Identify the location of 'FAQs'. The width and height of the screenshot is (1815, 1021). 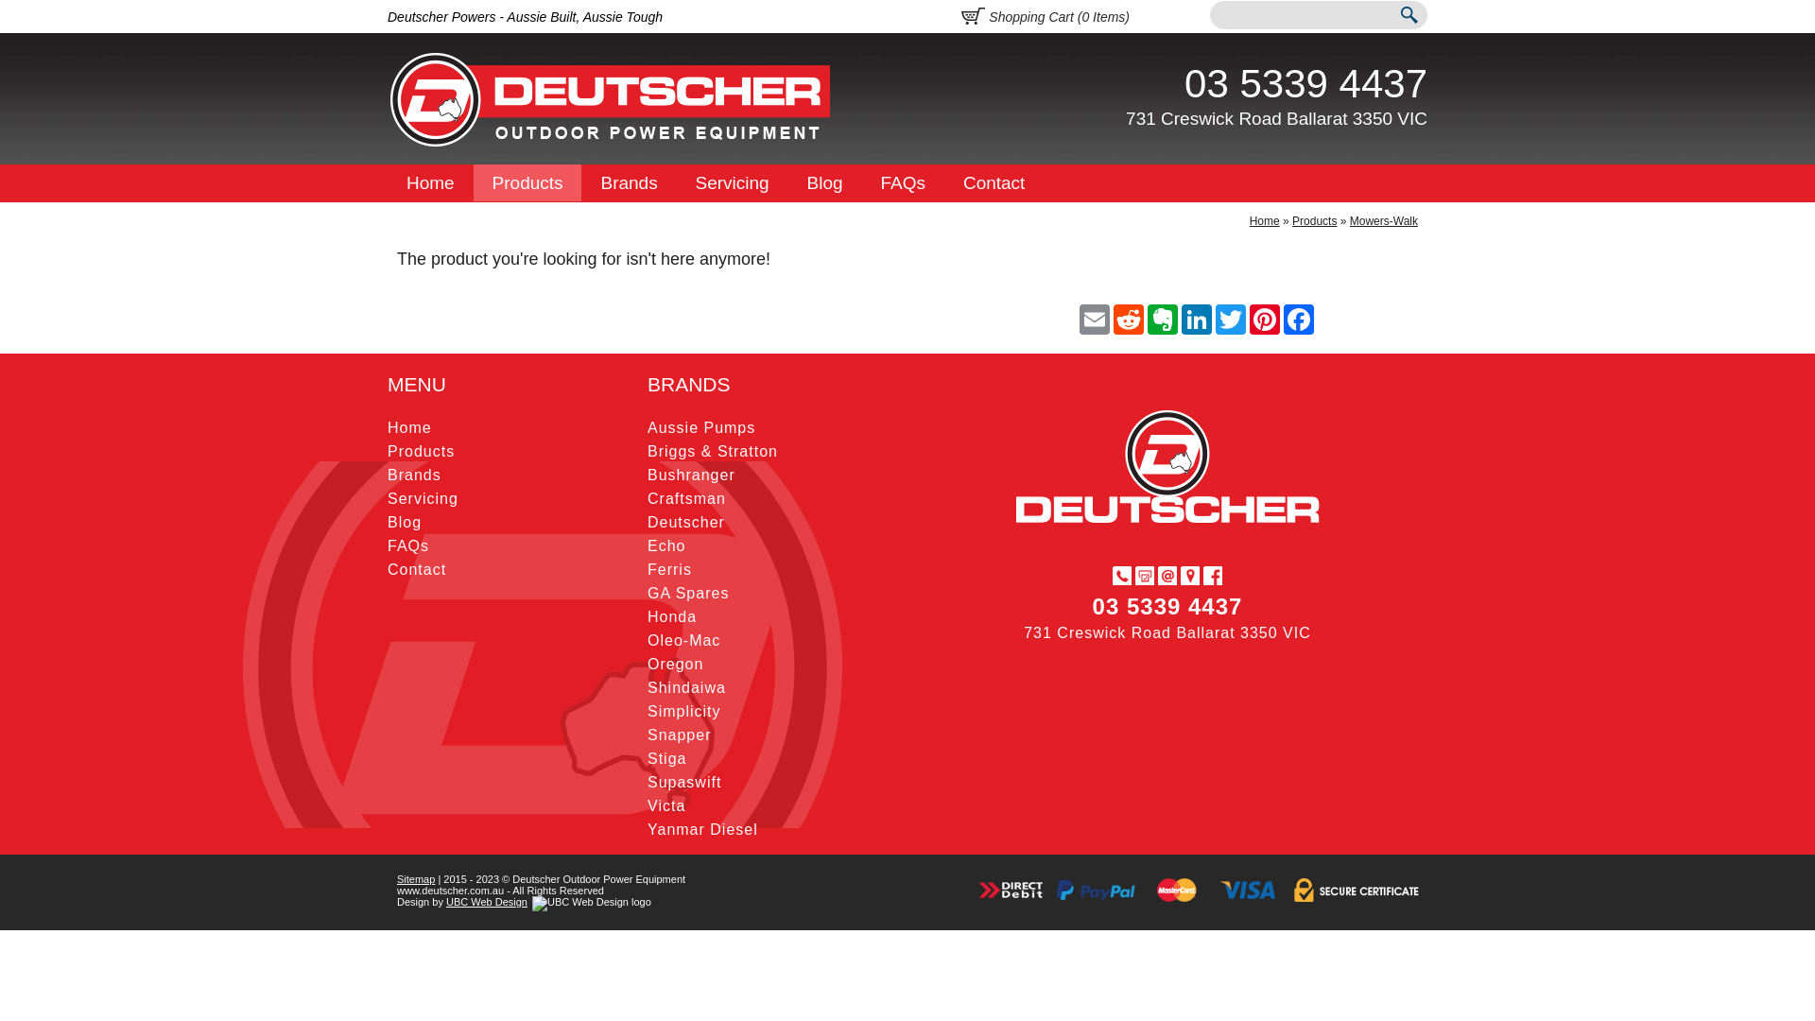
(407, 545).